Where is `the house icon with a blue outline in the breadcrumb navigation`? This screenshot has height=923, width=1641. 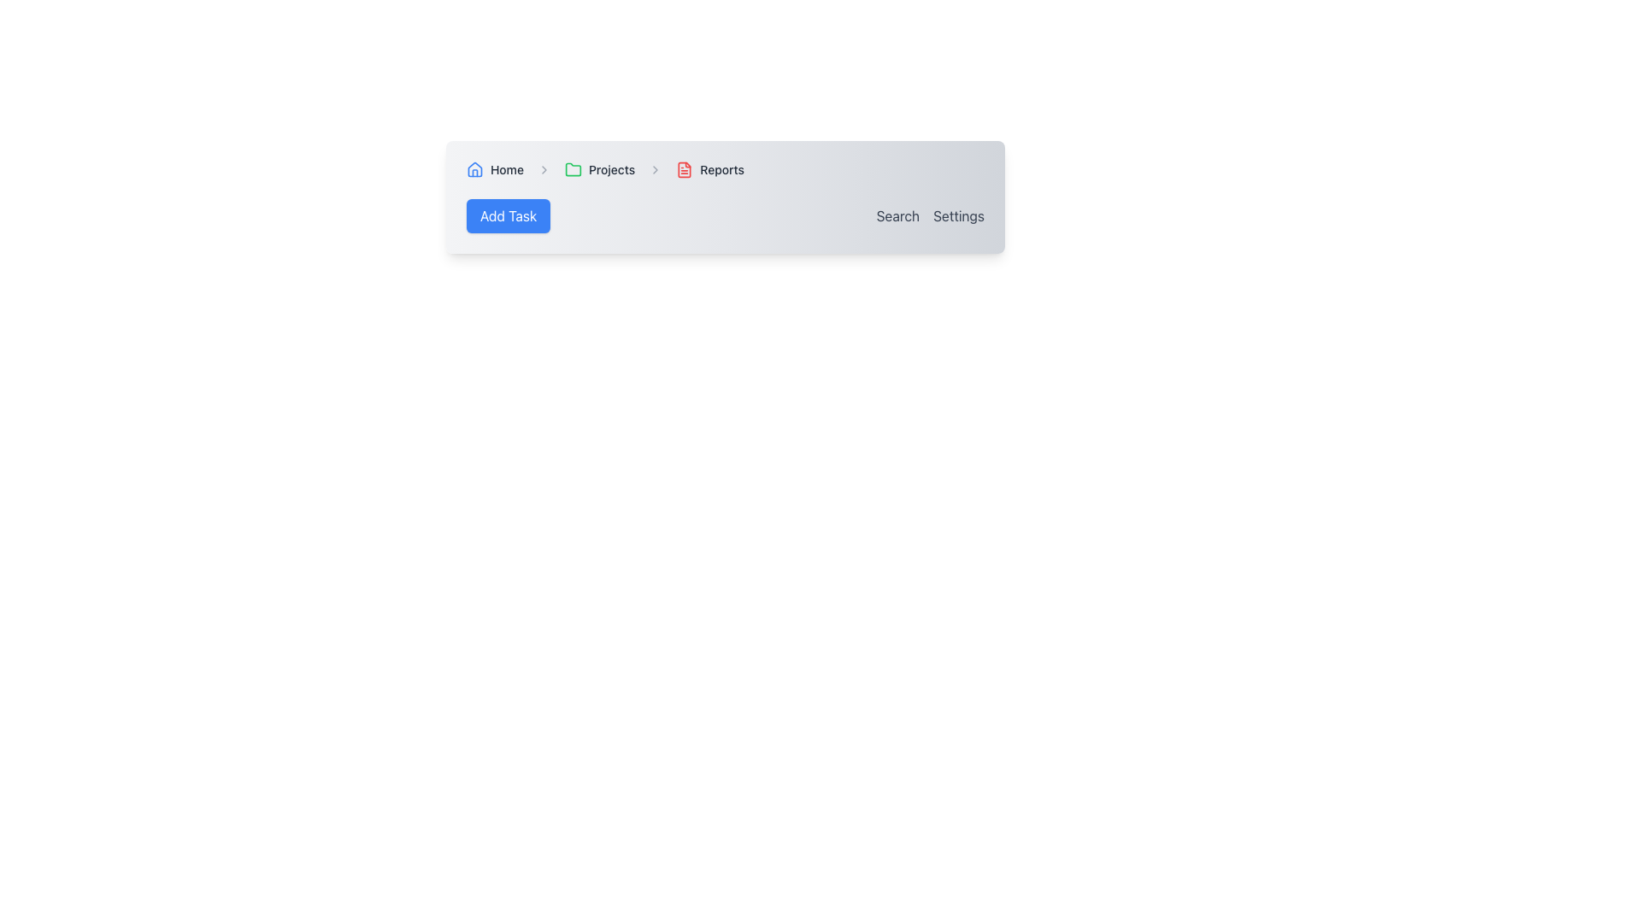 the house icon with a blue outline in the breadcrumb navigation is located at coordinates (475, 170).